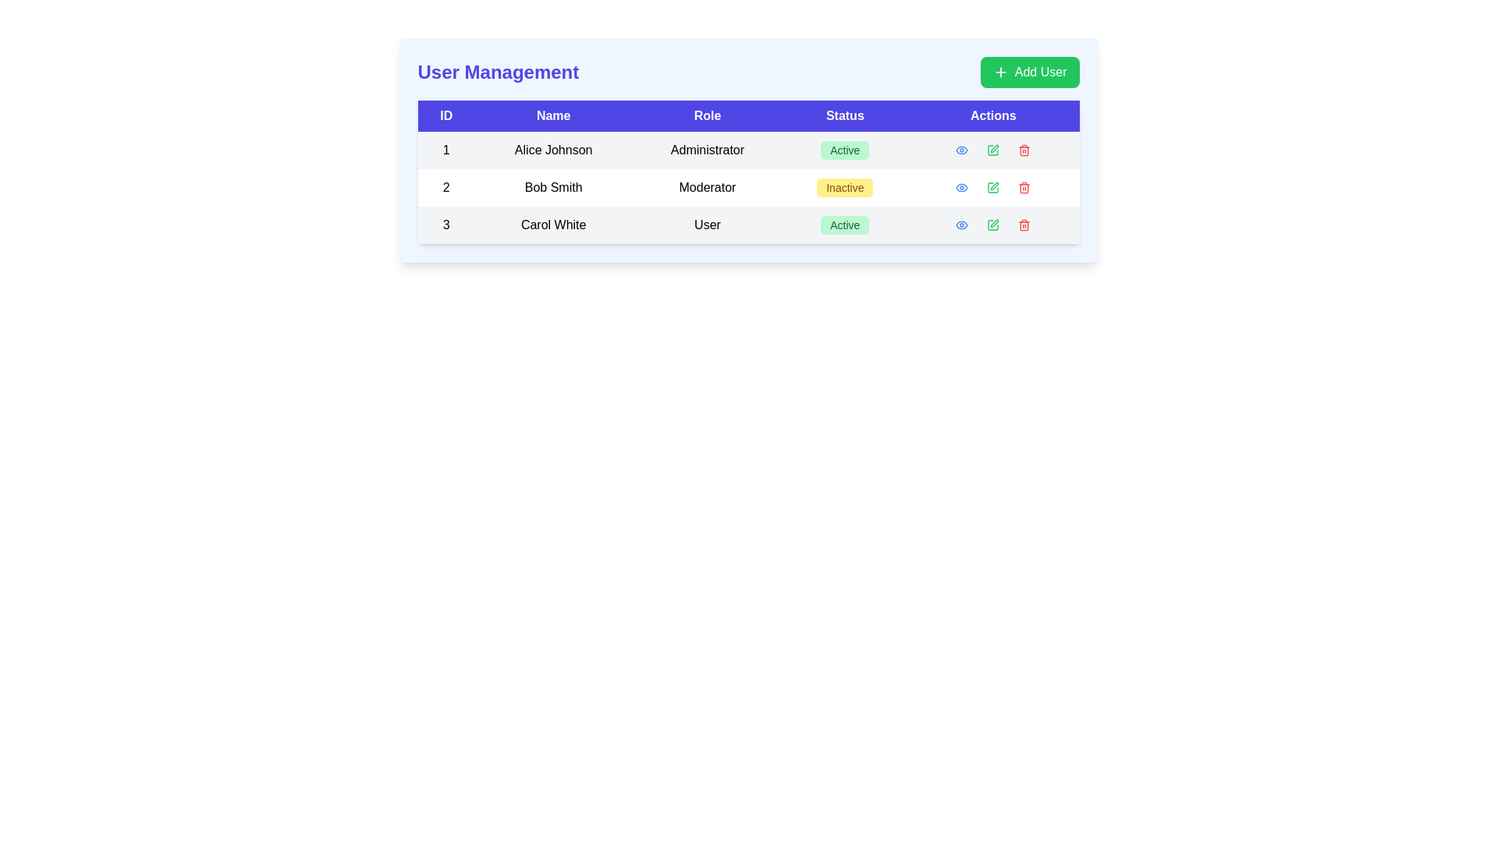 Image resolution: width=1498 pixels, height=842 pixels. What do you see at coordinates (1024, 150) in the screenshot?
I see `the deletion button, which is the third button aligned to the right within the 'Actions' column of the first row in the user management table` at bounding box center [1024, 150].